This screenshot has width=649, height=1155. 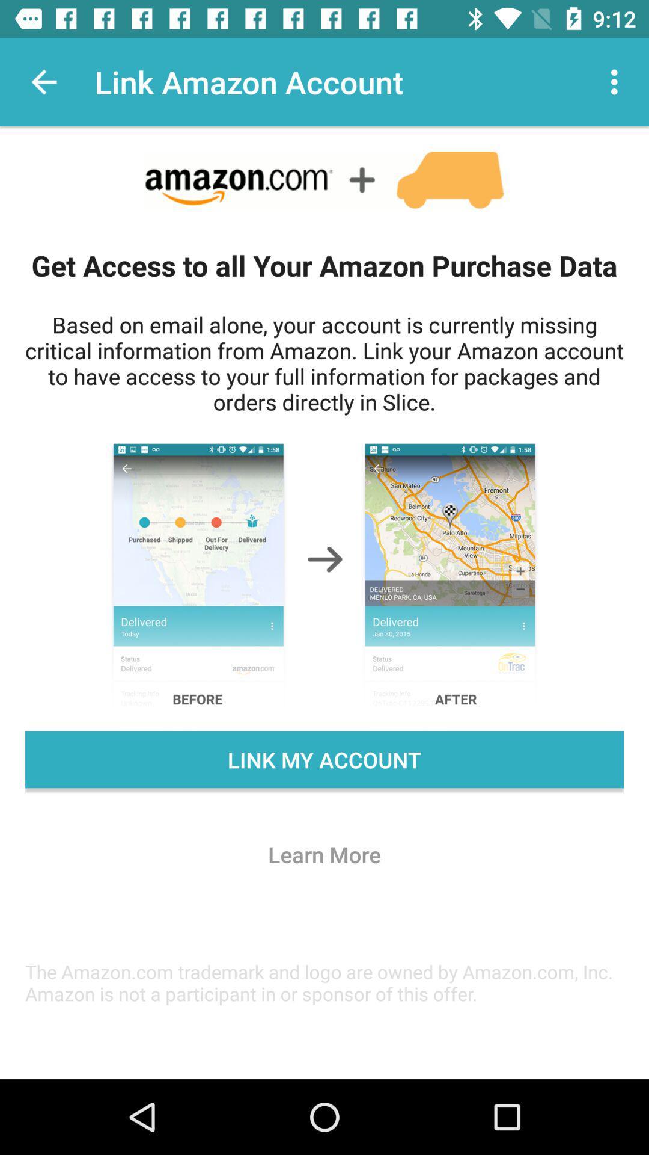 What do you see at coordinates (324, 854) in the screenshot?
I see `learn more icon` at bounding box center [324, 854].